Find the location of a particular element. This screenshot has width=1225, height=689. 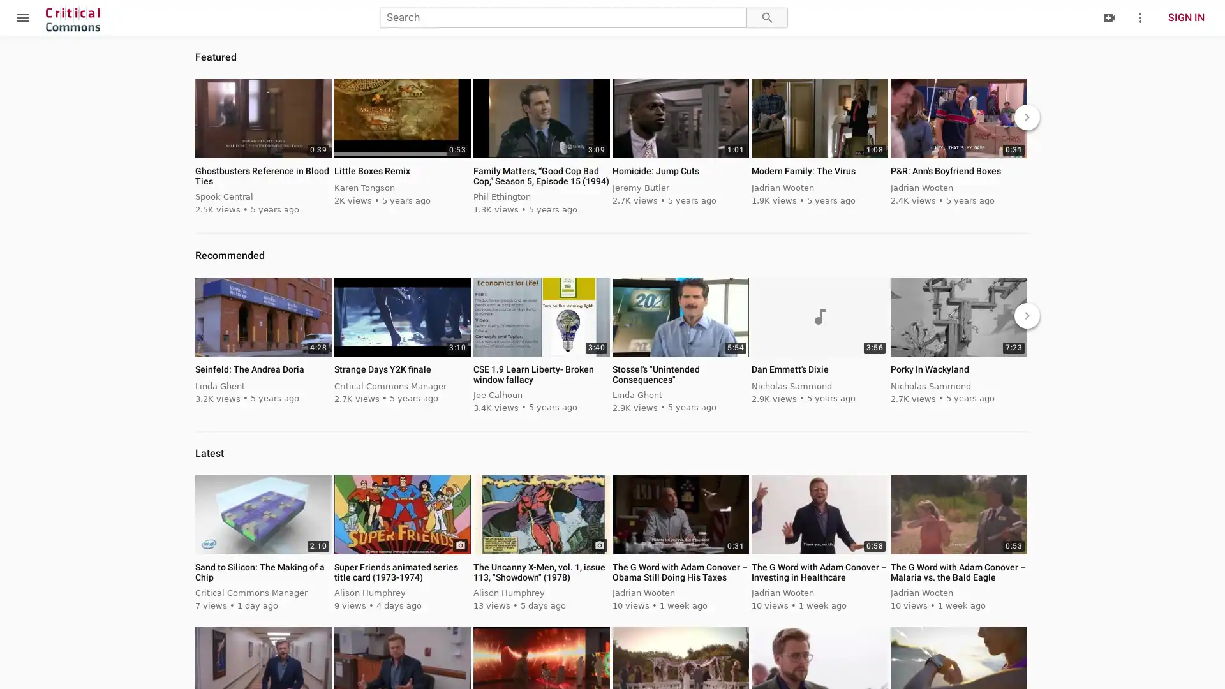

keyboard_arrow_right is located at coordinates (1027, 315).